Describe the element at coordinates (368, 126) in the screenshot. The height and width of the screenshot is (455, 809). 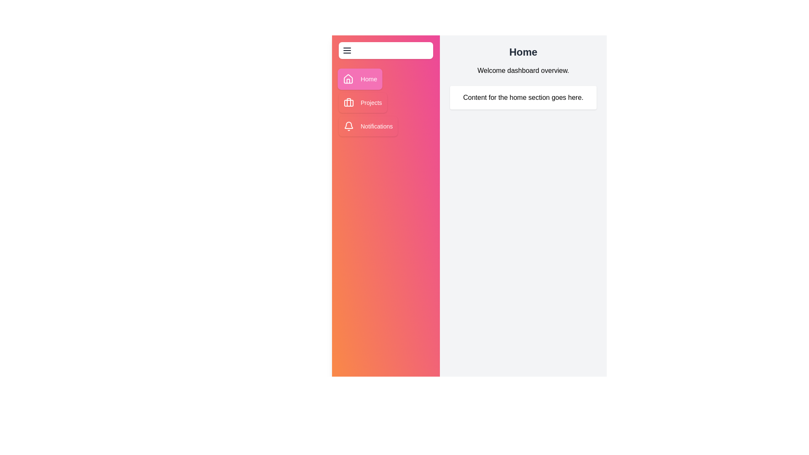
I see `the Notifications button to navigate to the respective section` at that location.